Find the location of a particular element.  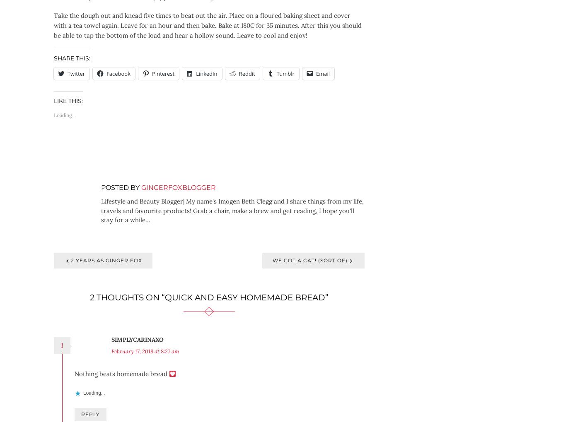

'Lifestyle and Beauty Blogger| 

My name's Imogen Beth Clegg and I share things from my life, travels and favourite products!
 
Grab a chair, make a brew and get reading, I hope you'll stay for a while...' is located at coordinates (101, 210).